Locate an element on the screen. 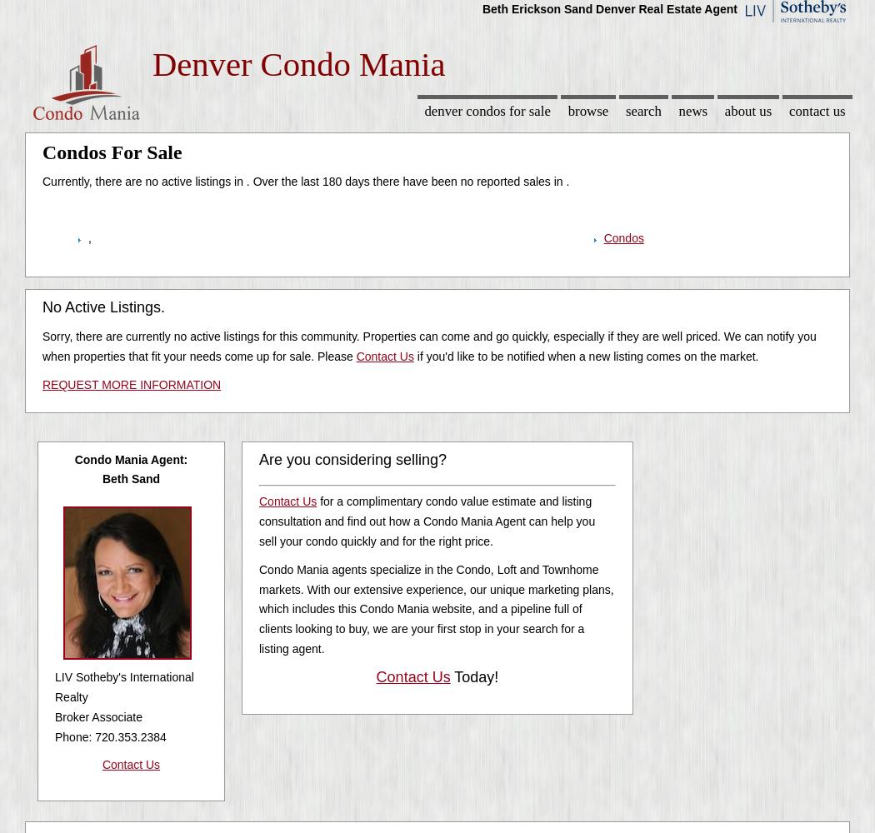 This screenshot has width=875, height=833. 'for a complimentary condo value estimate and listing 
						consultation and find out 
						how a Condo Mania Agent can help you sell your condo quickly and 
						for the right price.' is located at coordinates (426, 521).